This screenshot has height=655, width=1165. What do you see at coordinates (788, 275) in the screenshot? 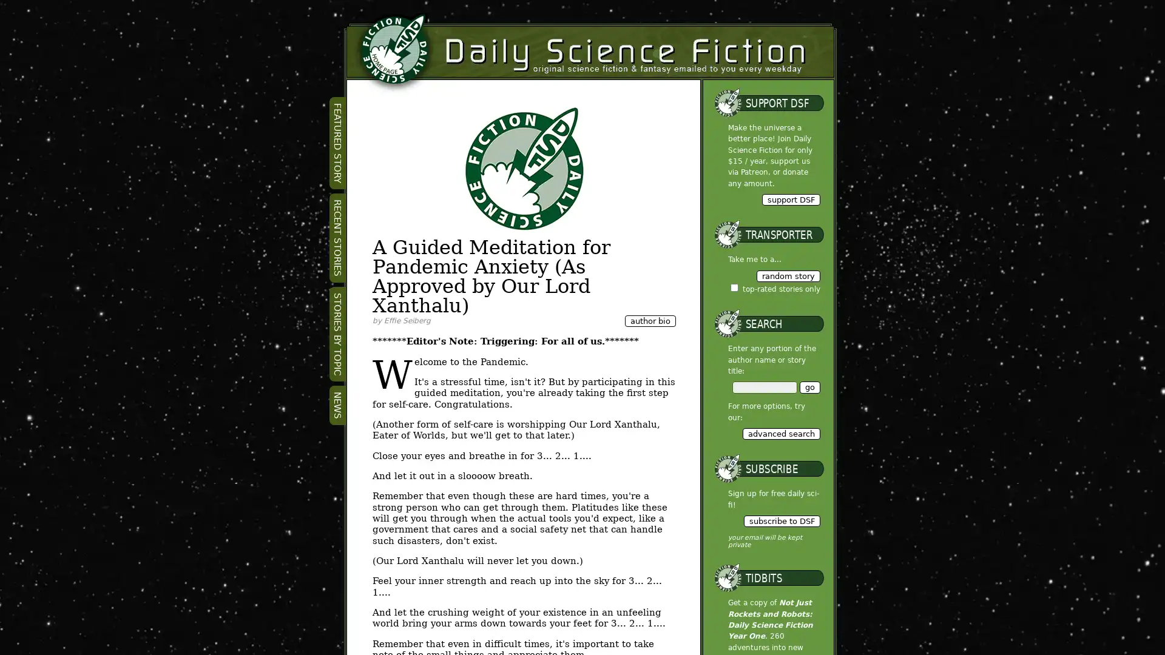
I see `random story` at bounding box center [788, 275].